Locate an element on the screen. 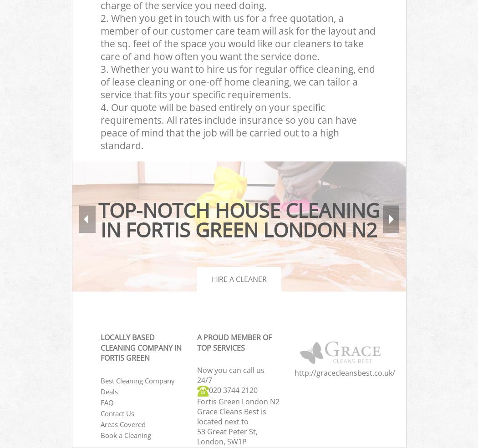 Image resolution: width=478 pixels, height=448 pixels. '‎020 3744 2120' is located at coordinates (233, 389).